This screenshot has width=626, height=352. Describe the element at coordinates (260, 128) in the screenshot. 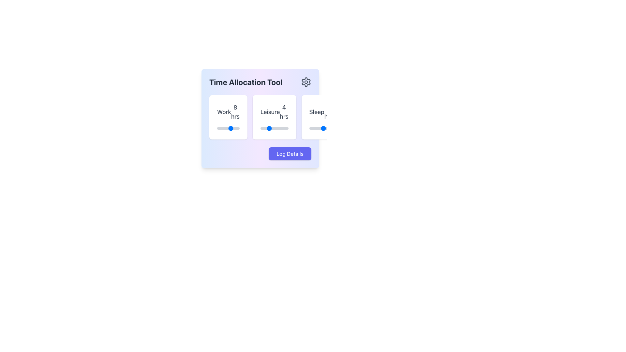

I see `the leisure time slider` at that location.